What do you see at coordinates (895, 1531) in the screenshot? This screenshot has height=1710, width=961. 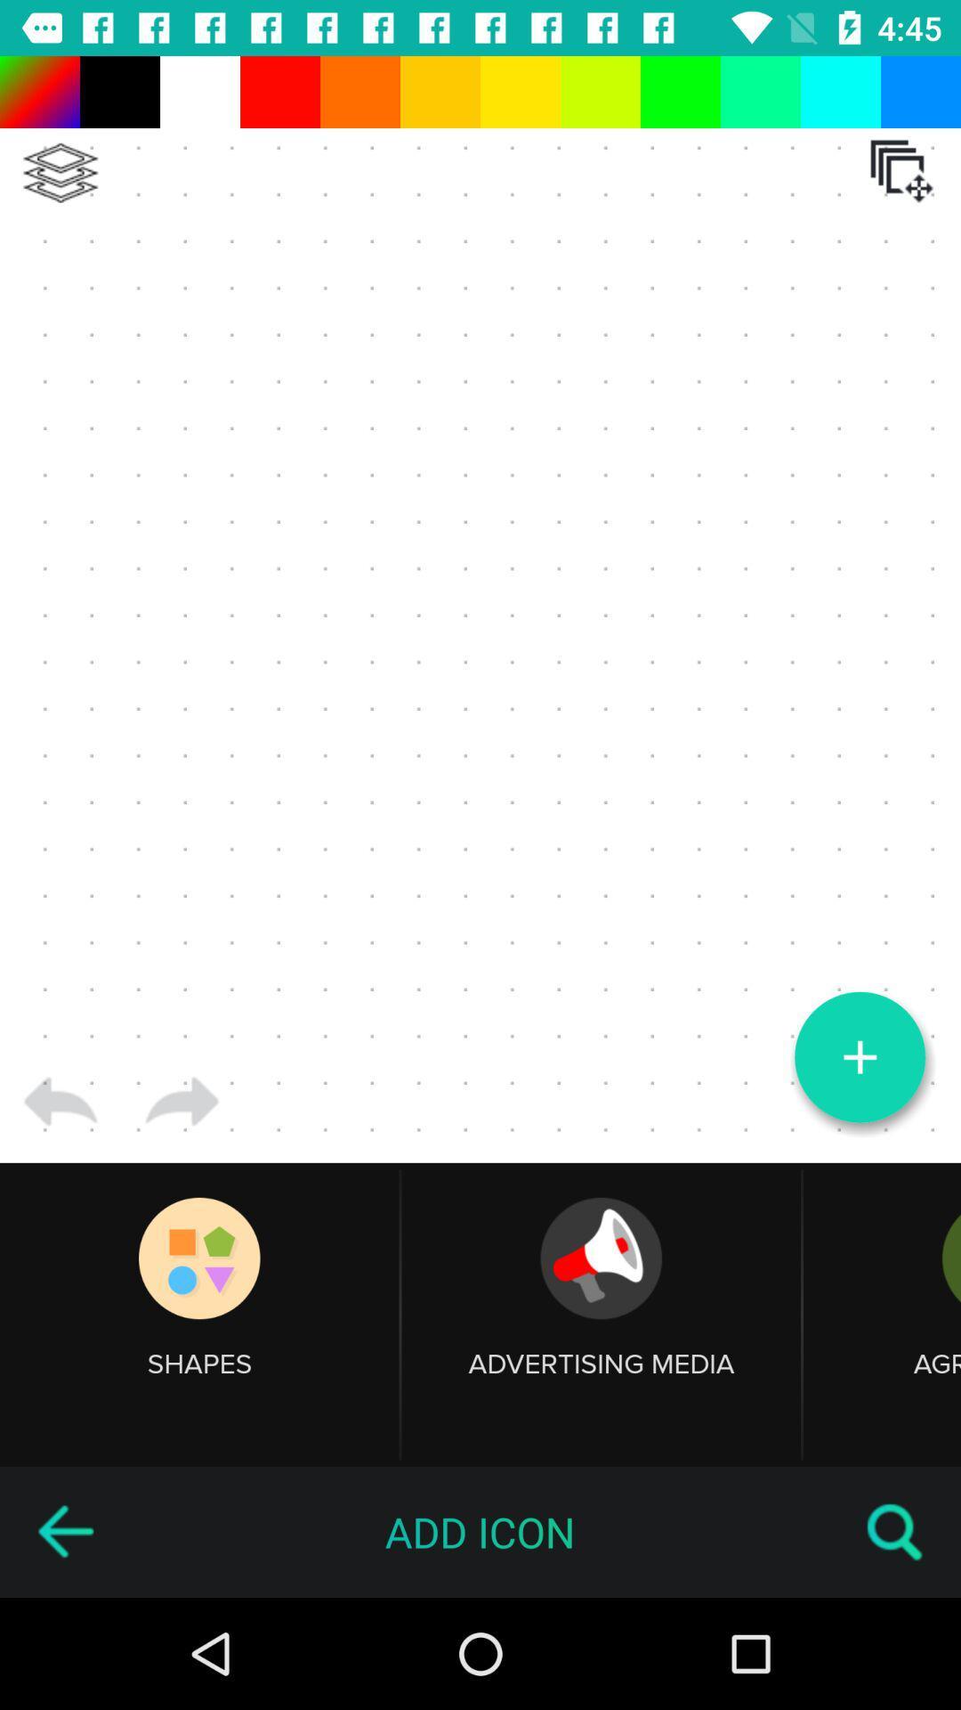 I see `the item next to add icon icon` at bounding box center [895, 1531].